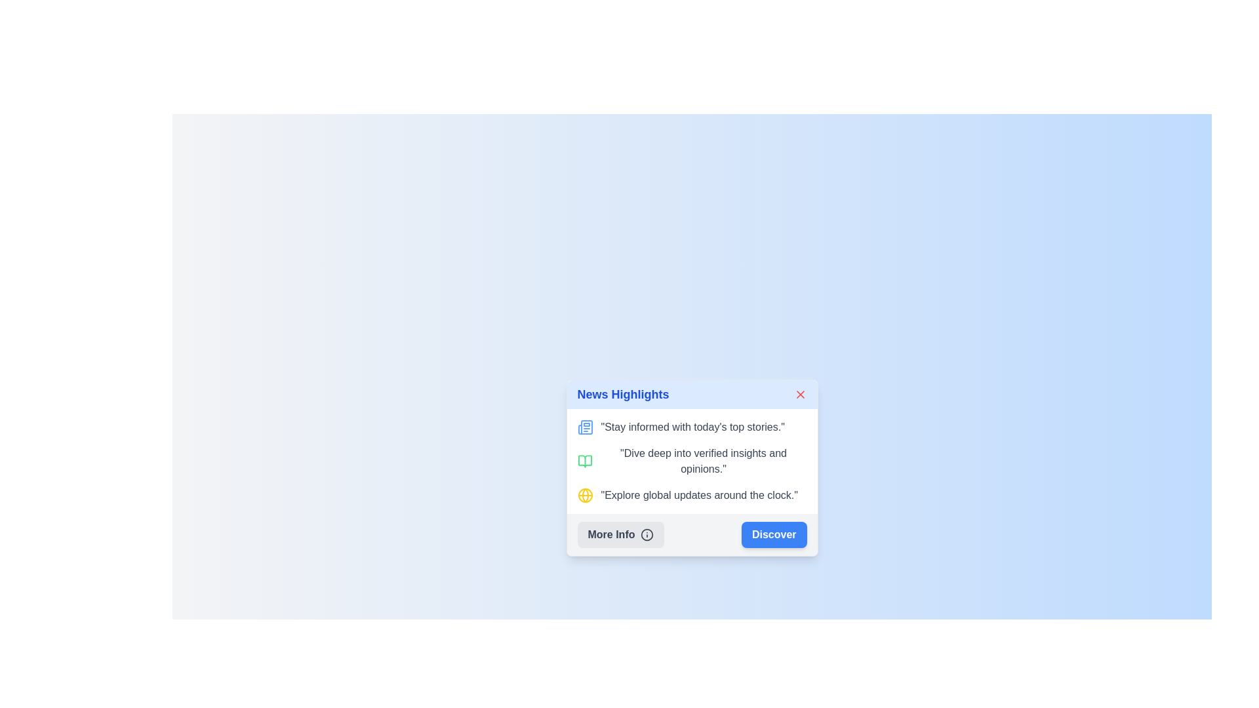  What do you see at coordinates (799, 393) in the screenshot?
I see `the red diagonal cross icon located at the upper-right corner of the 'News Highlights' card` at bounding box center [799, 393].